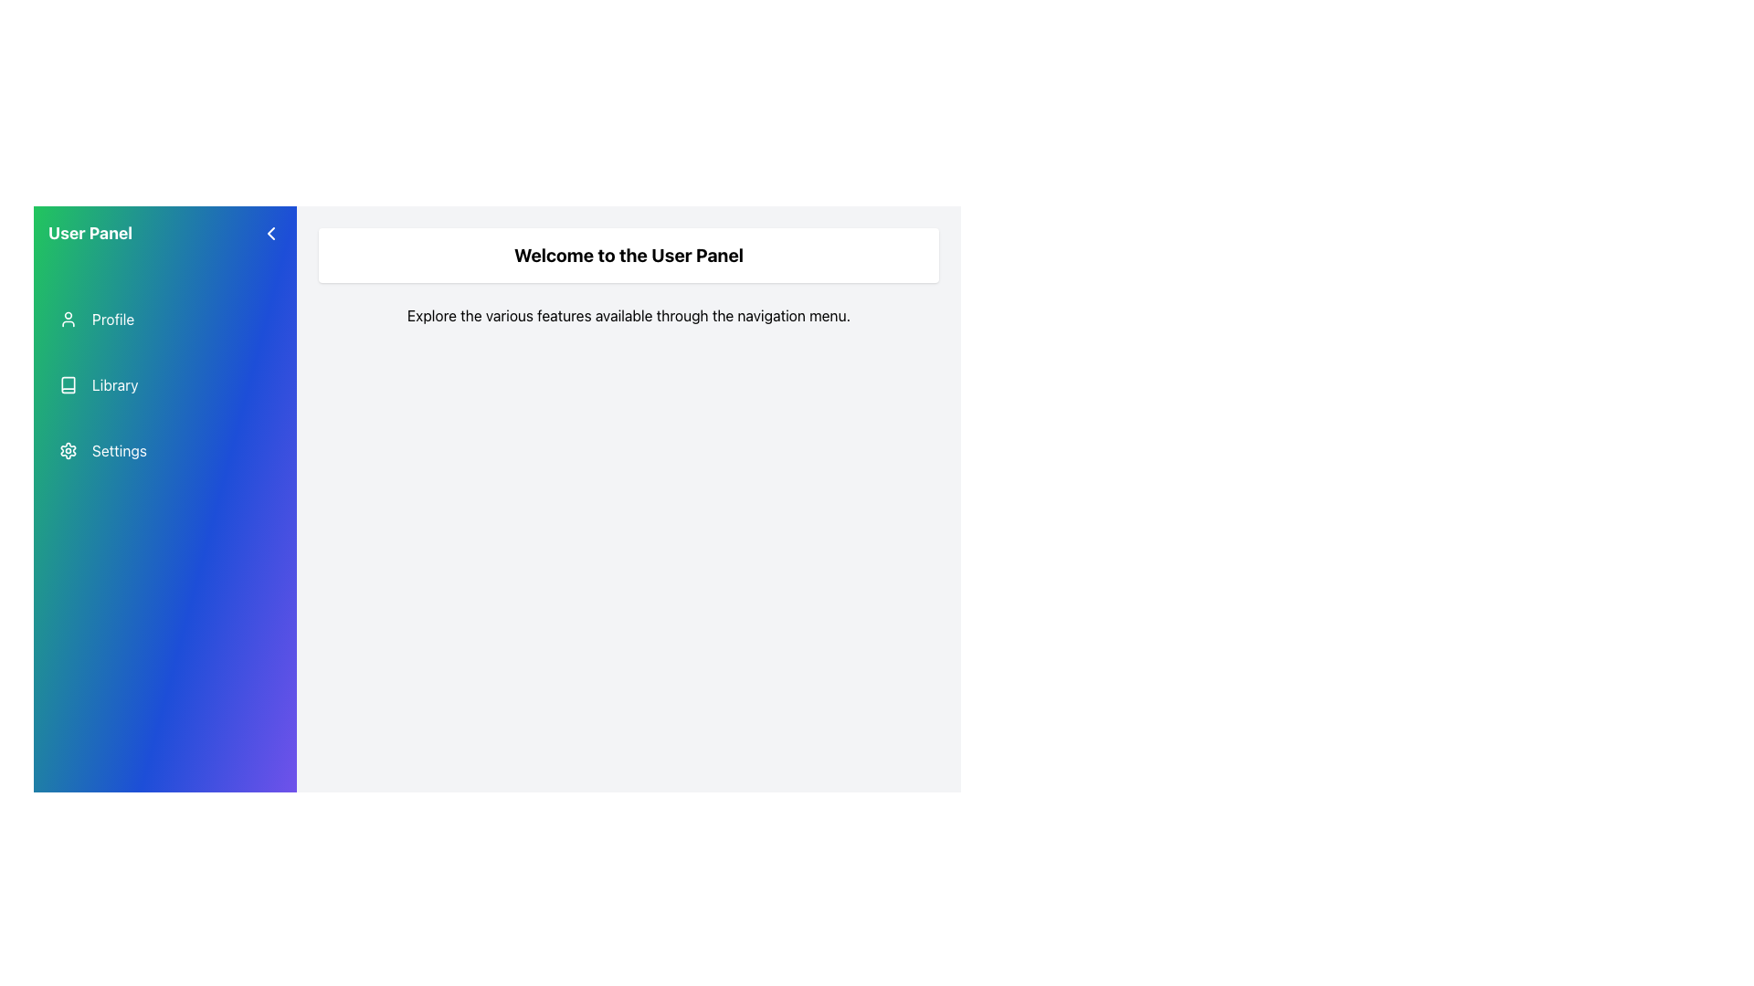 The height and width of the screenshot is (986, 1754). I want to click on the static heading component that serves as a welcoming header for the user panel, positioned at the top-center of the main content area, so click(629, 256).